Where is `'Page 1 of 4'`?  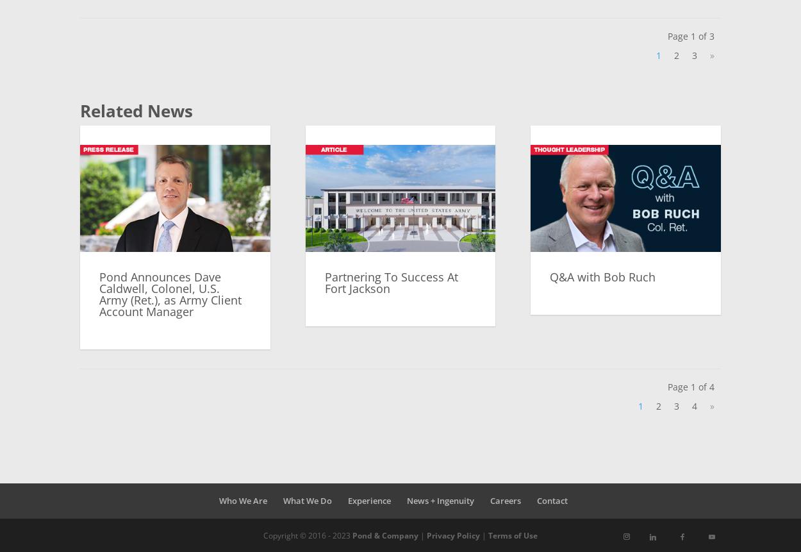 'Page 1 of 4' is located at coordinates (668, 386).